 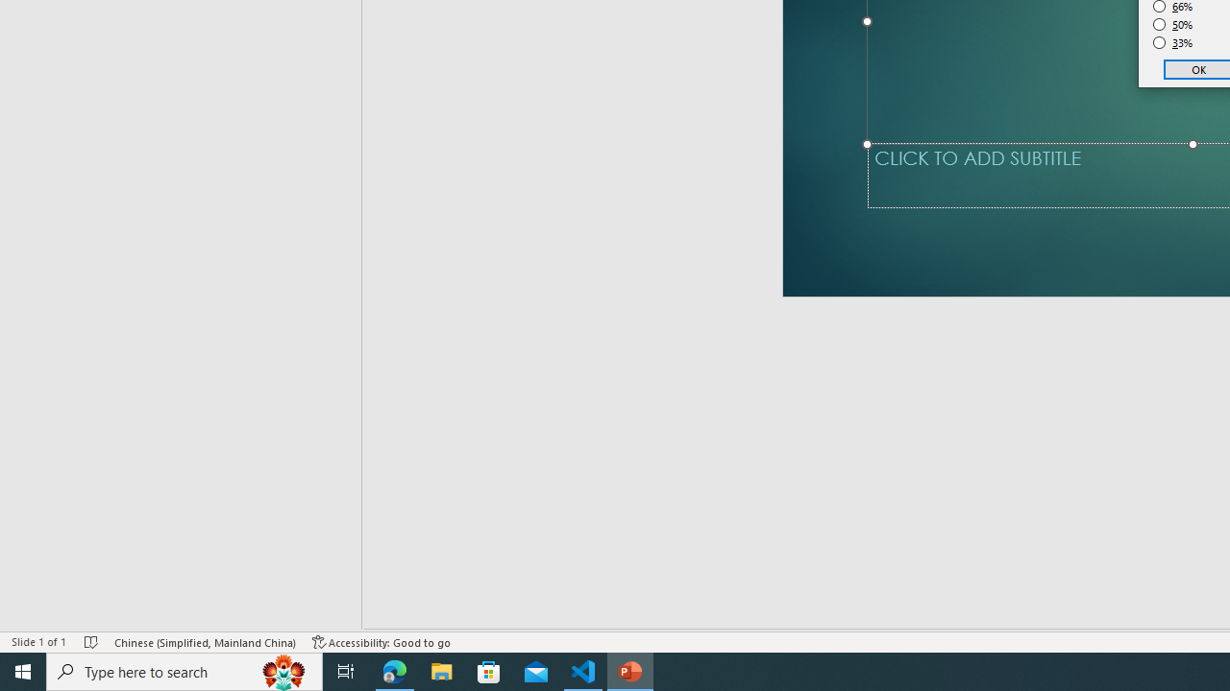 I want to click on 'Start', so click(x=23, y=670).